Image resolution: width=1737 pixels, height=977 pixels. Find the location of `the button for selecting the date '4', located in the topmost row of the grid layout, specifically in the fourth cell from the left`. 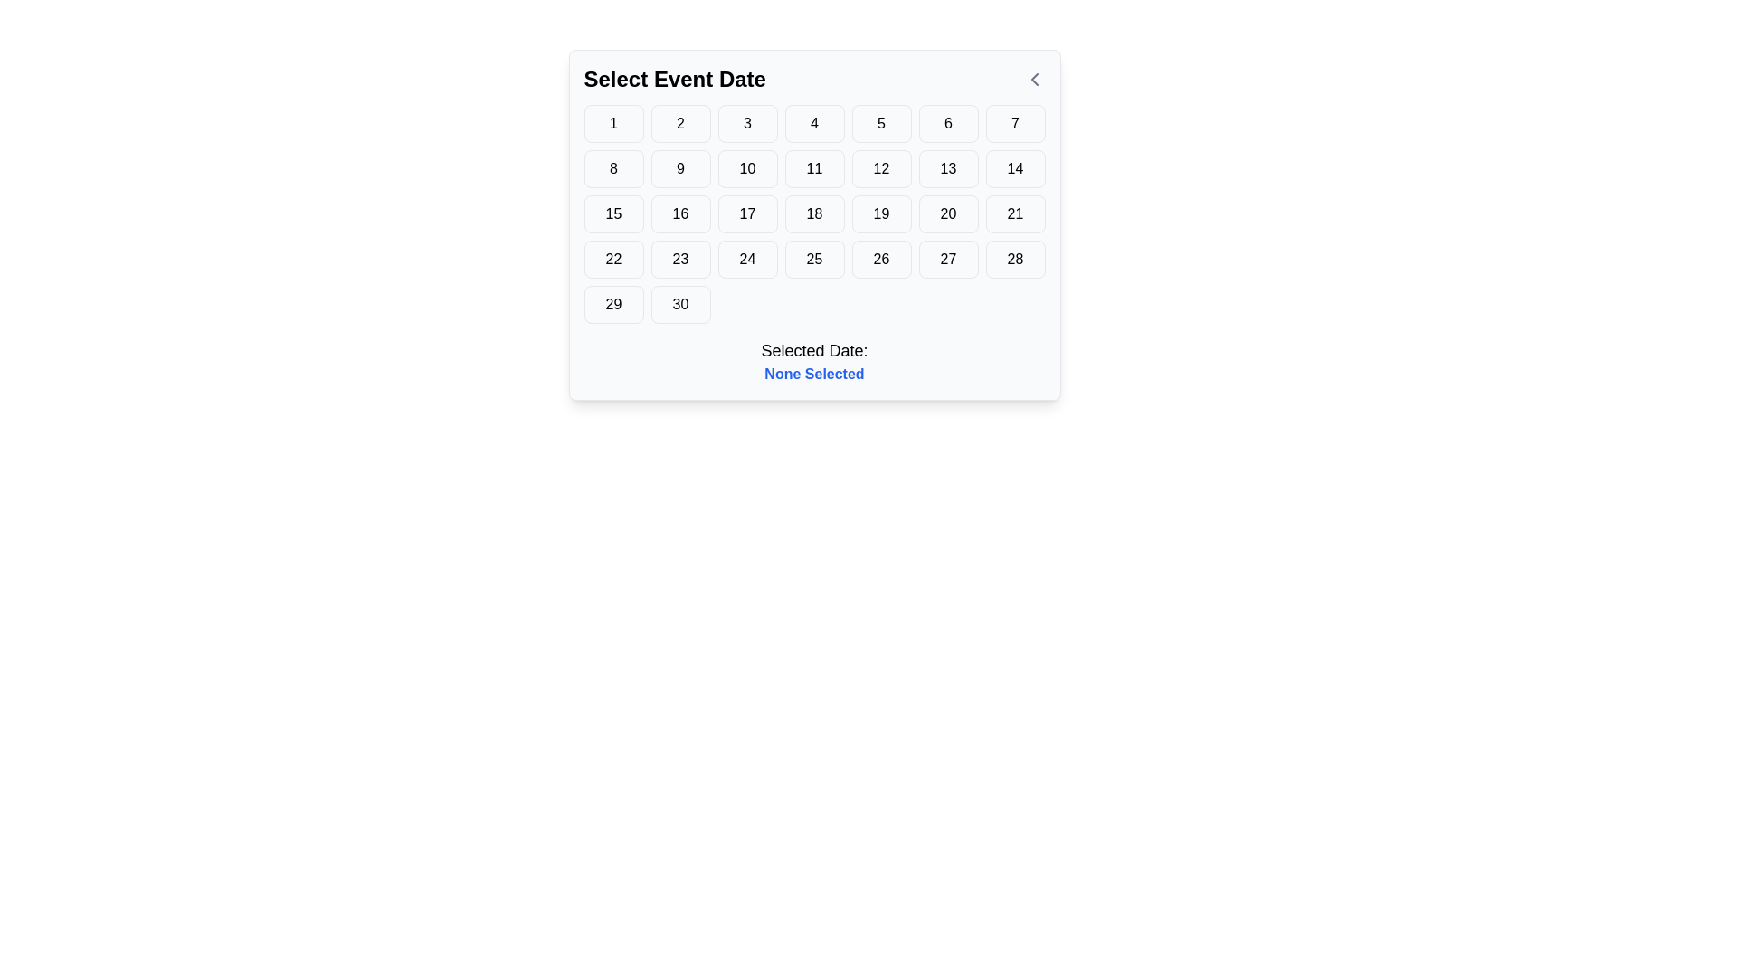

the button for selecting the date '4', located in the topmost row of the grid layout, specifically in the fourth cell from the left is located at coordinates (813, 123).